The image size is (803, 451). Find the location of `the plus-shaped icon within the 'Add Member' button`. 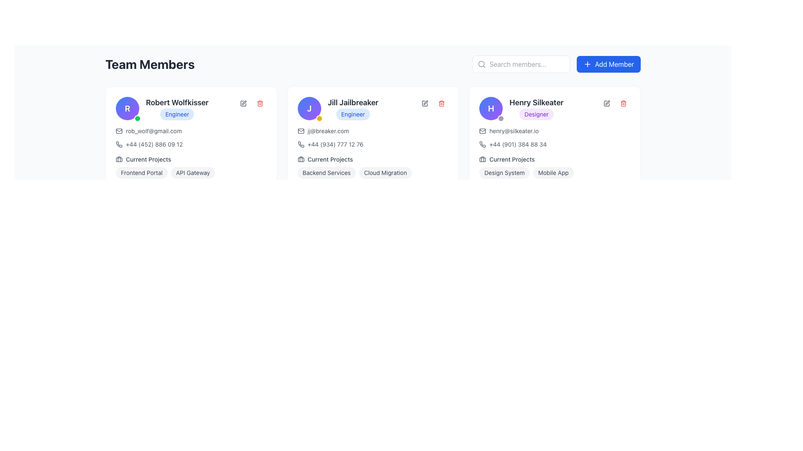

the plus-shaped icon within the 'Add Member' button is located at coordinates (587, 64).